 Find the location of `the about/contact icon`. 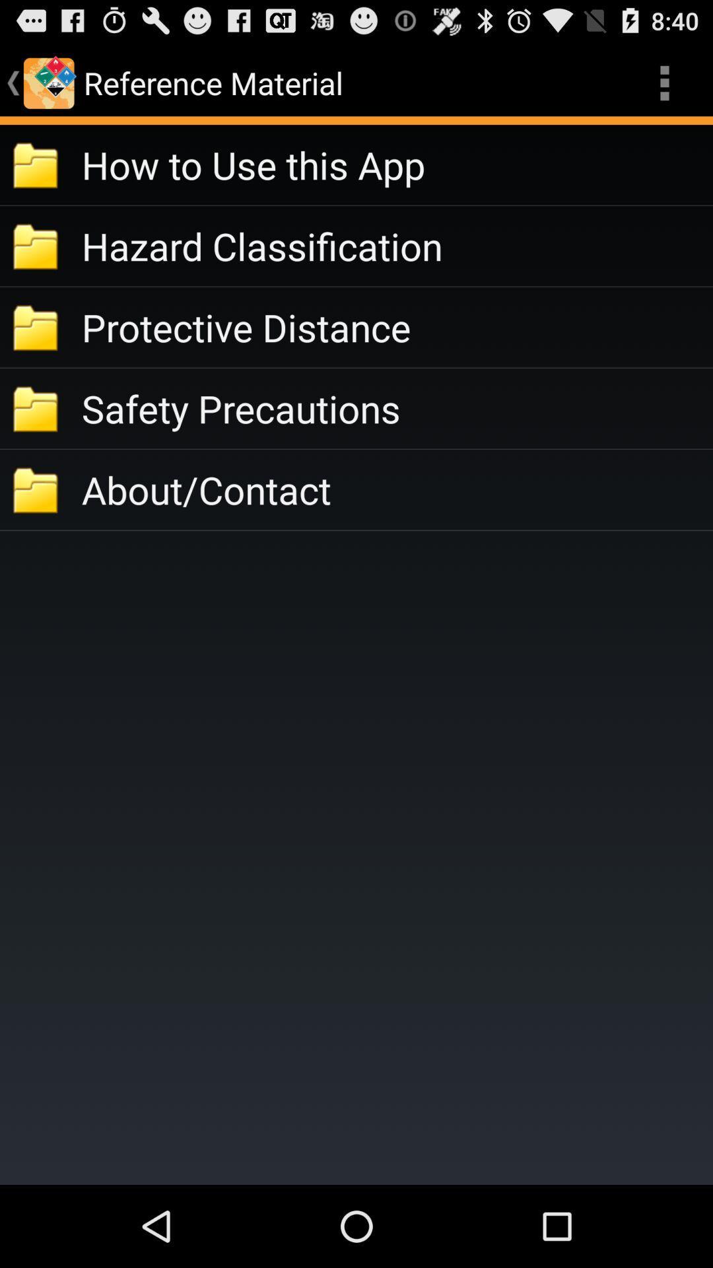

the about/contact icon is located at coordinates (396, 489).